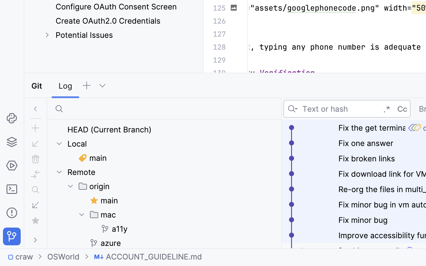 Image resolution: width=426 pixels, height=266 pixels. I want to click on 'Git', so click(38, 85).